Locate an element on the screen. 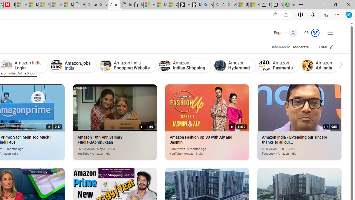  'AutomationID: rh_meter' is located at coordinates (315, 33).